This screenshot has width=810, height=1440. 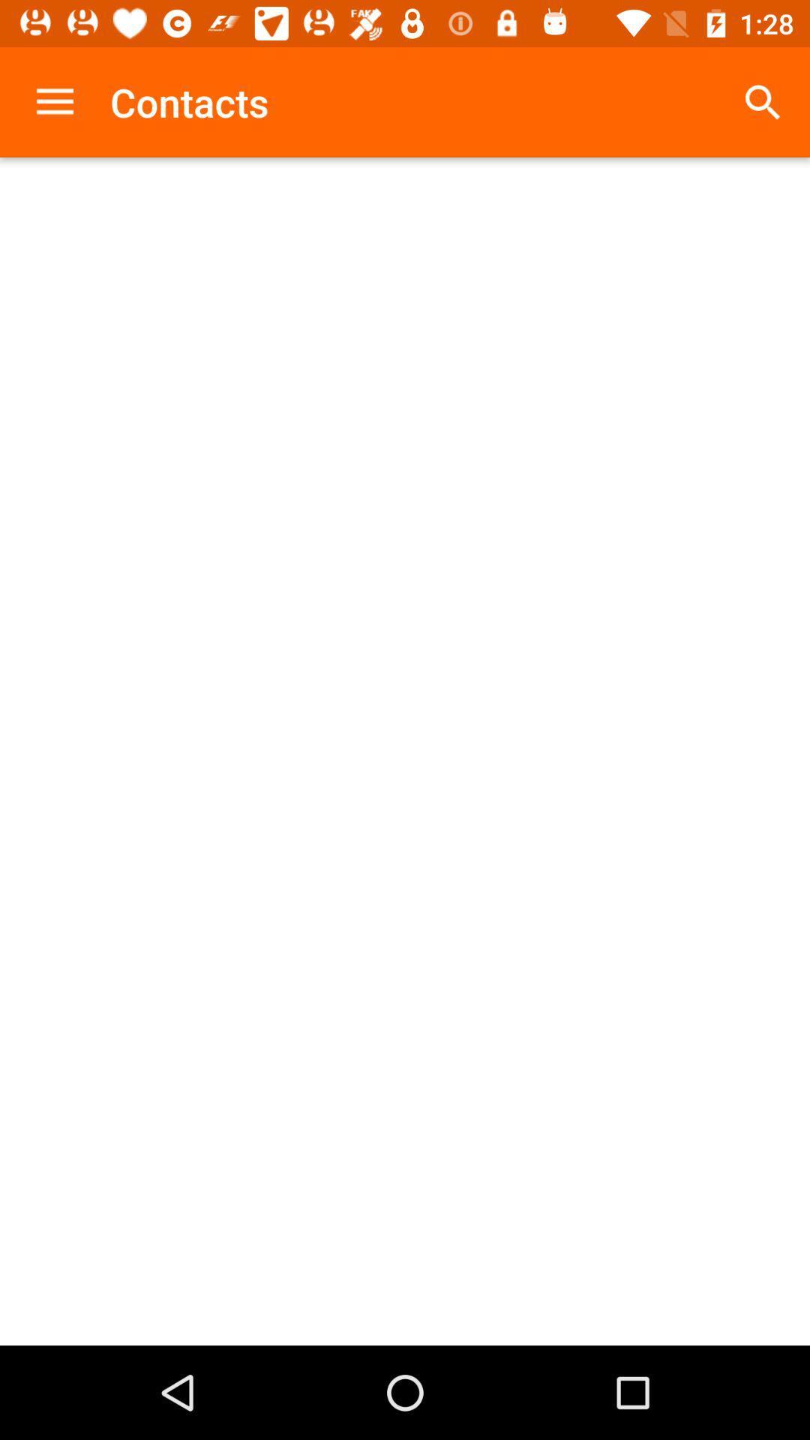 I want to click on the icon to the left of contacts, so click(x=54, y=101).